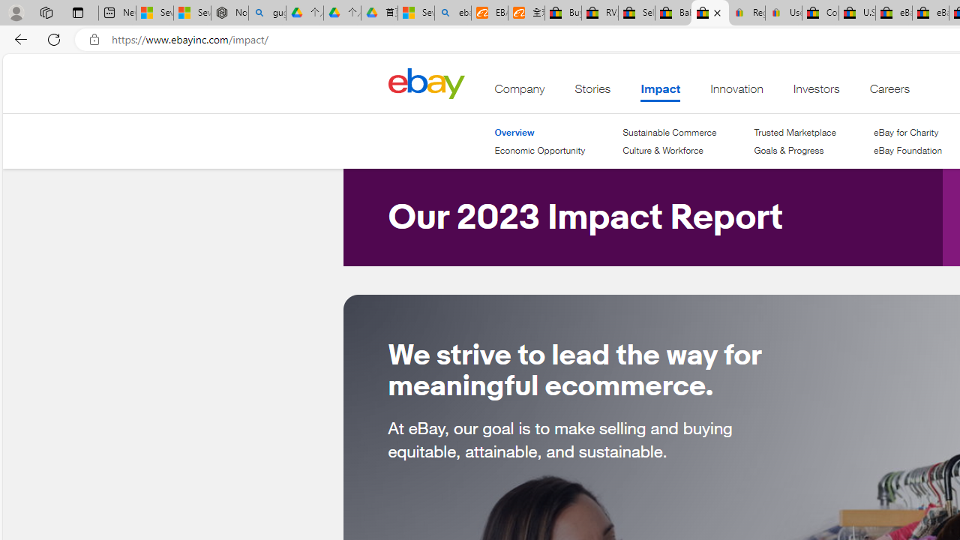  Describe the element at coordinates (661, 150) in the screenshot. I see `'Culture & Workforce'` at that location.